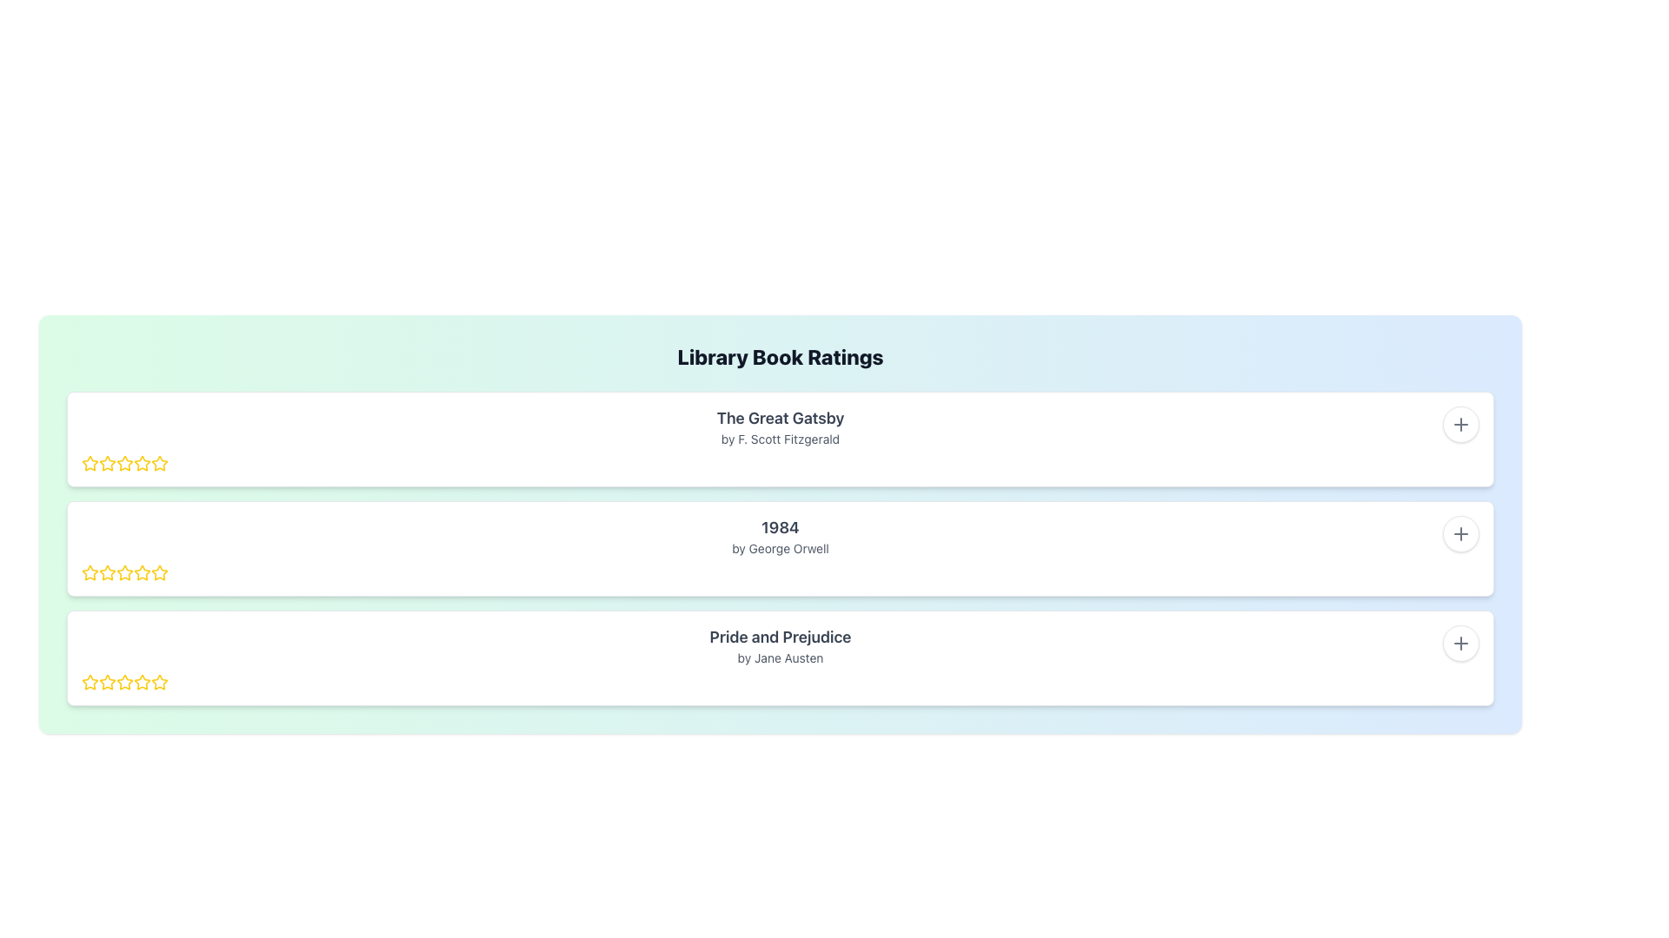 Image resolution: width=1669 pixels, height=938 pixels. Describe the element at coordinates (779, 658) in the screenshot. I see `the text label displaying 'by Jane Austen', which is styled with a smaller font size and light gray color, positioned below the title 'Pride and Prejudice'` at that location.